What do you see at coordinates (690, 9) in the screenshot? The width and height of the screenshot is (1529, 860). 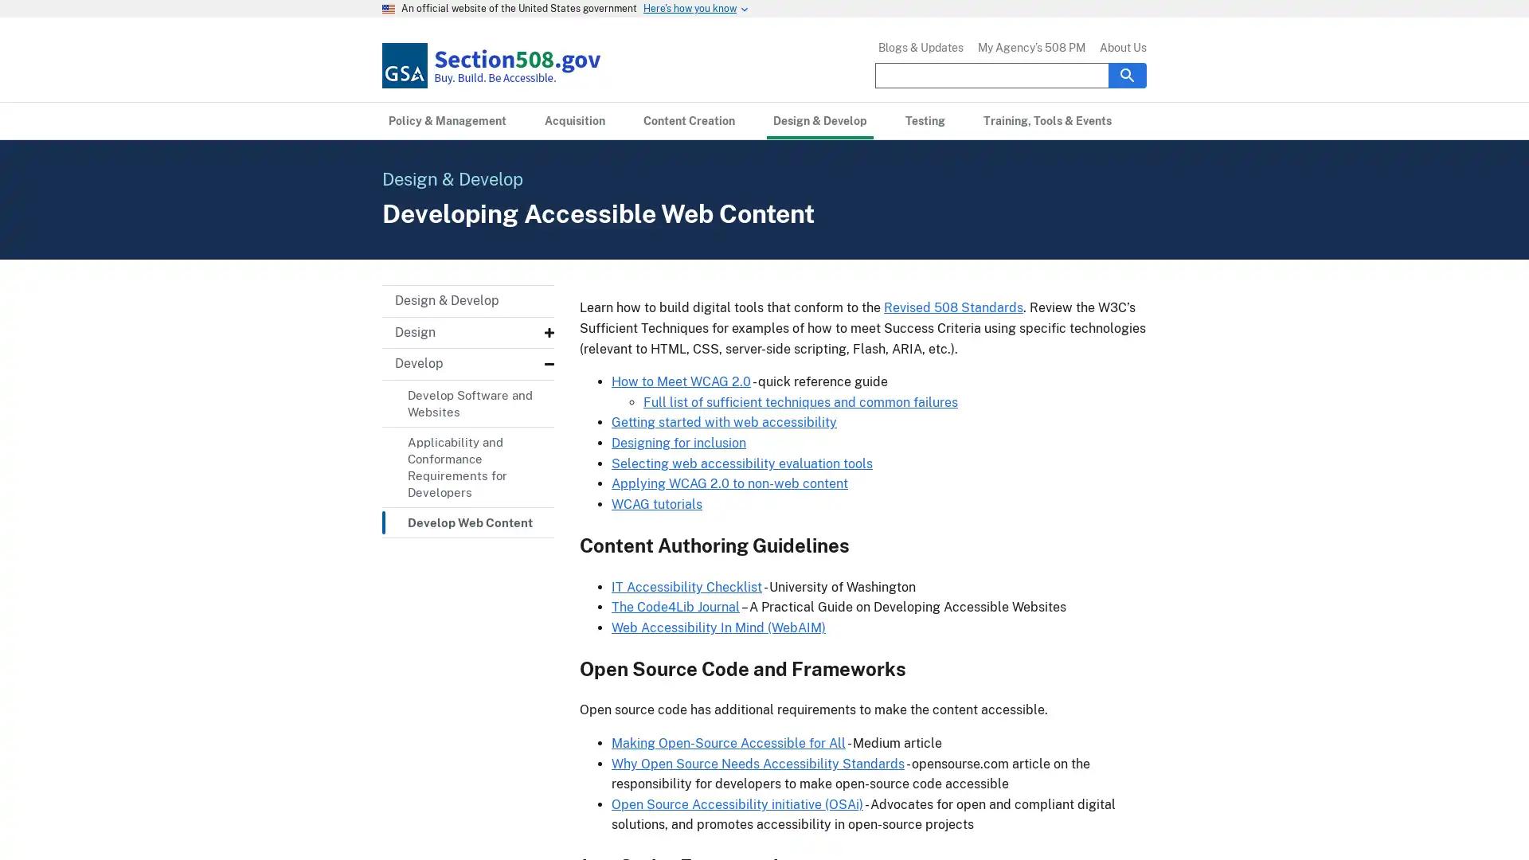 I see `Here's how you know` at bounding box center [690, 9].